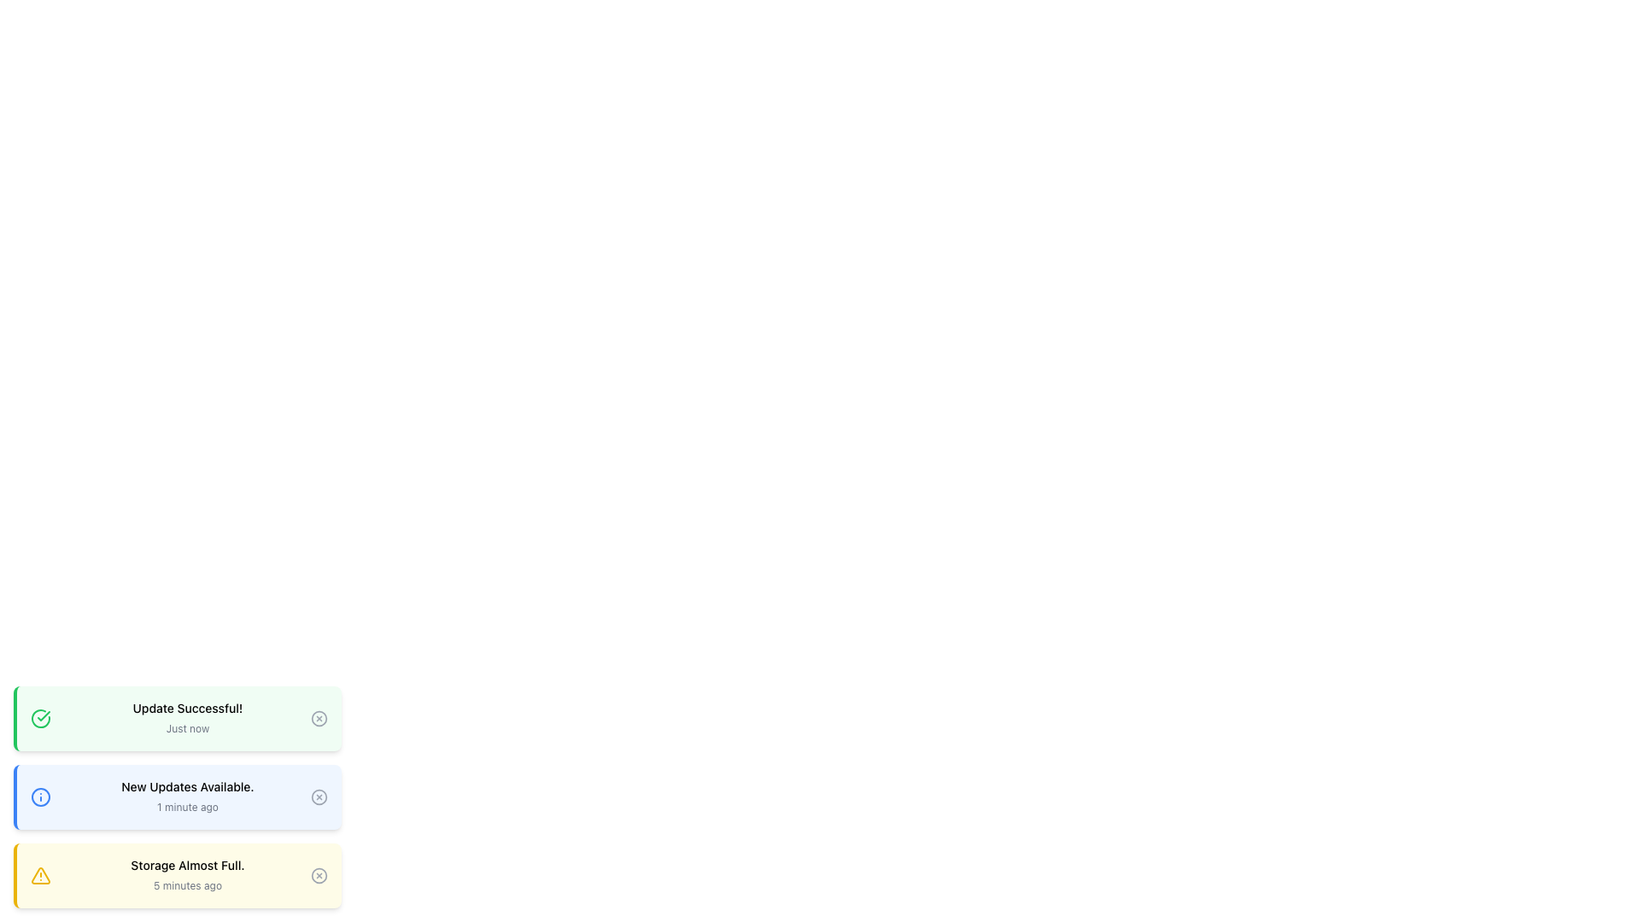 The height and width of the screenshot is (922, 1640). What do you see at coordinates (41, 876) in the screenshot?
I see `the equilateral triangle warning icon with a bold yellow outline, located inside the notification card at the bottom of the vertical stack, which has a light yellow background and the text 'Storage Almost Full.'` at bounding box center [41, 876].